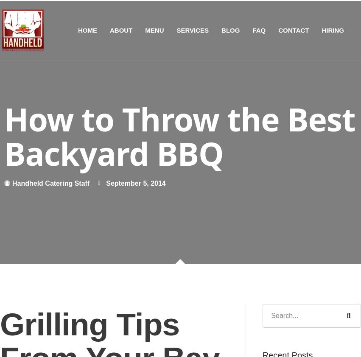 The image size is (361, 357). Describe the element at coordinates (332, 29) in the screenshot. I see `'HIRING'` at that location.